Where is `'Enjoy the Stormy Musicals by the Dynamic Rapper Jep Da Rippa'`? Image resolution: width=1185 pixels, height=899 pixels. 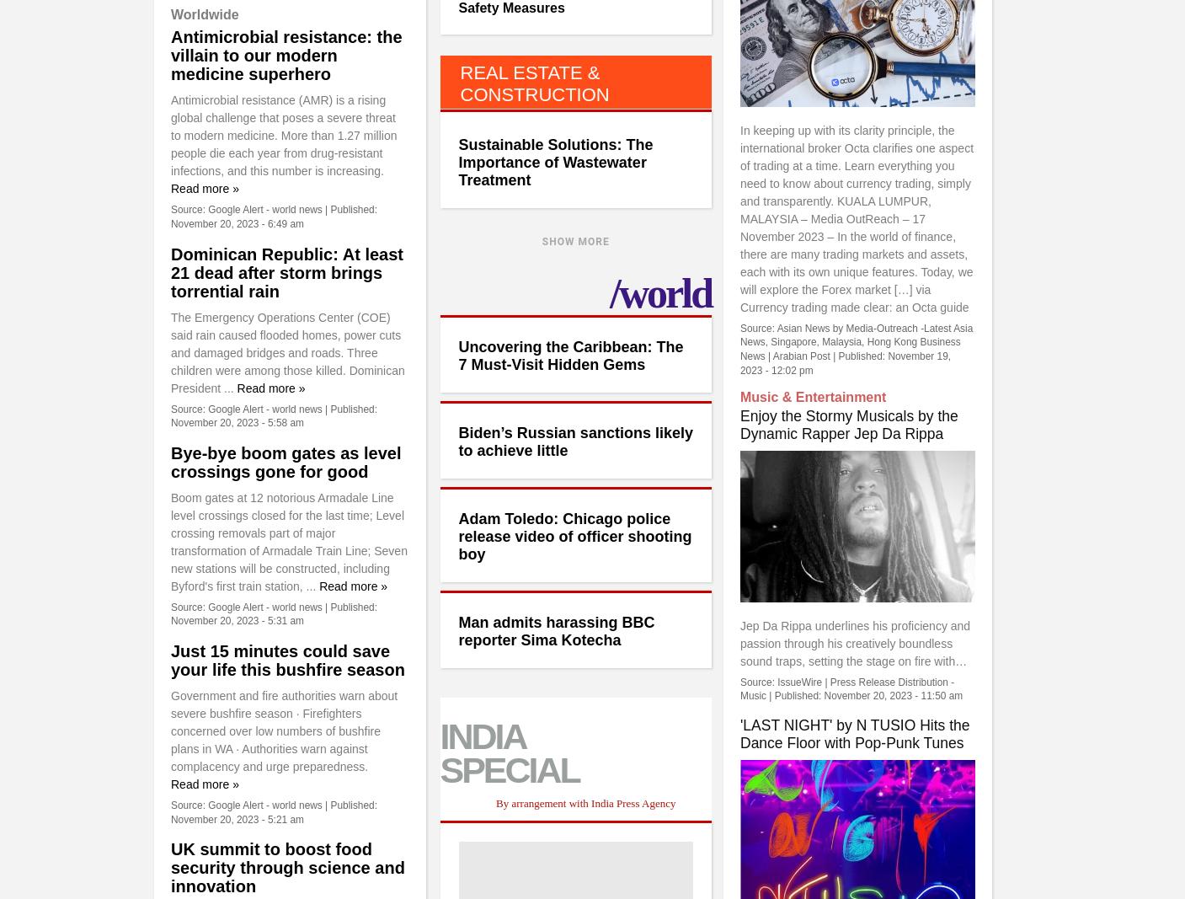 'Enjoy the Stormy Musicals by the Dynamic Rapper Jep Da Rippa' is located at coordinates (847, 424).